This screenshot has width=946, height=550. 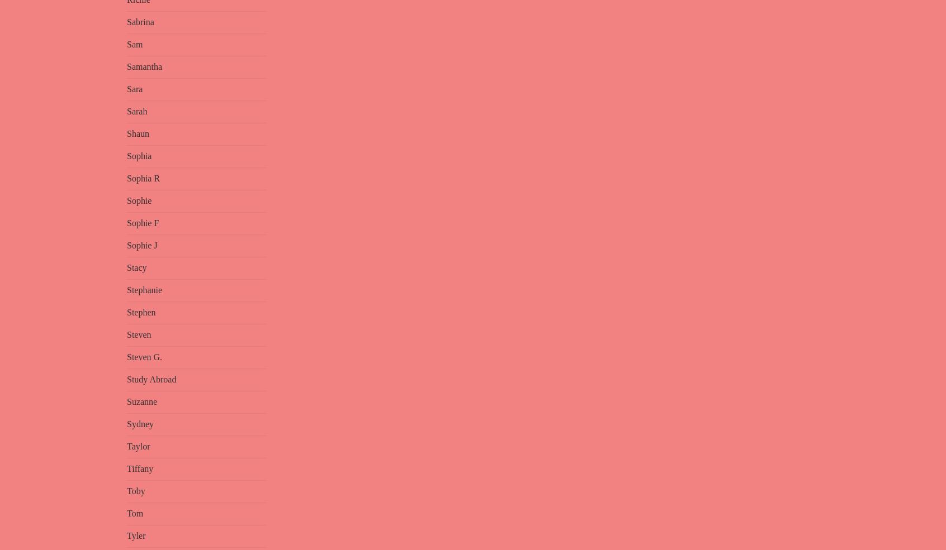 I want to click on 'Sophie', so click(x=139, y=200).